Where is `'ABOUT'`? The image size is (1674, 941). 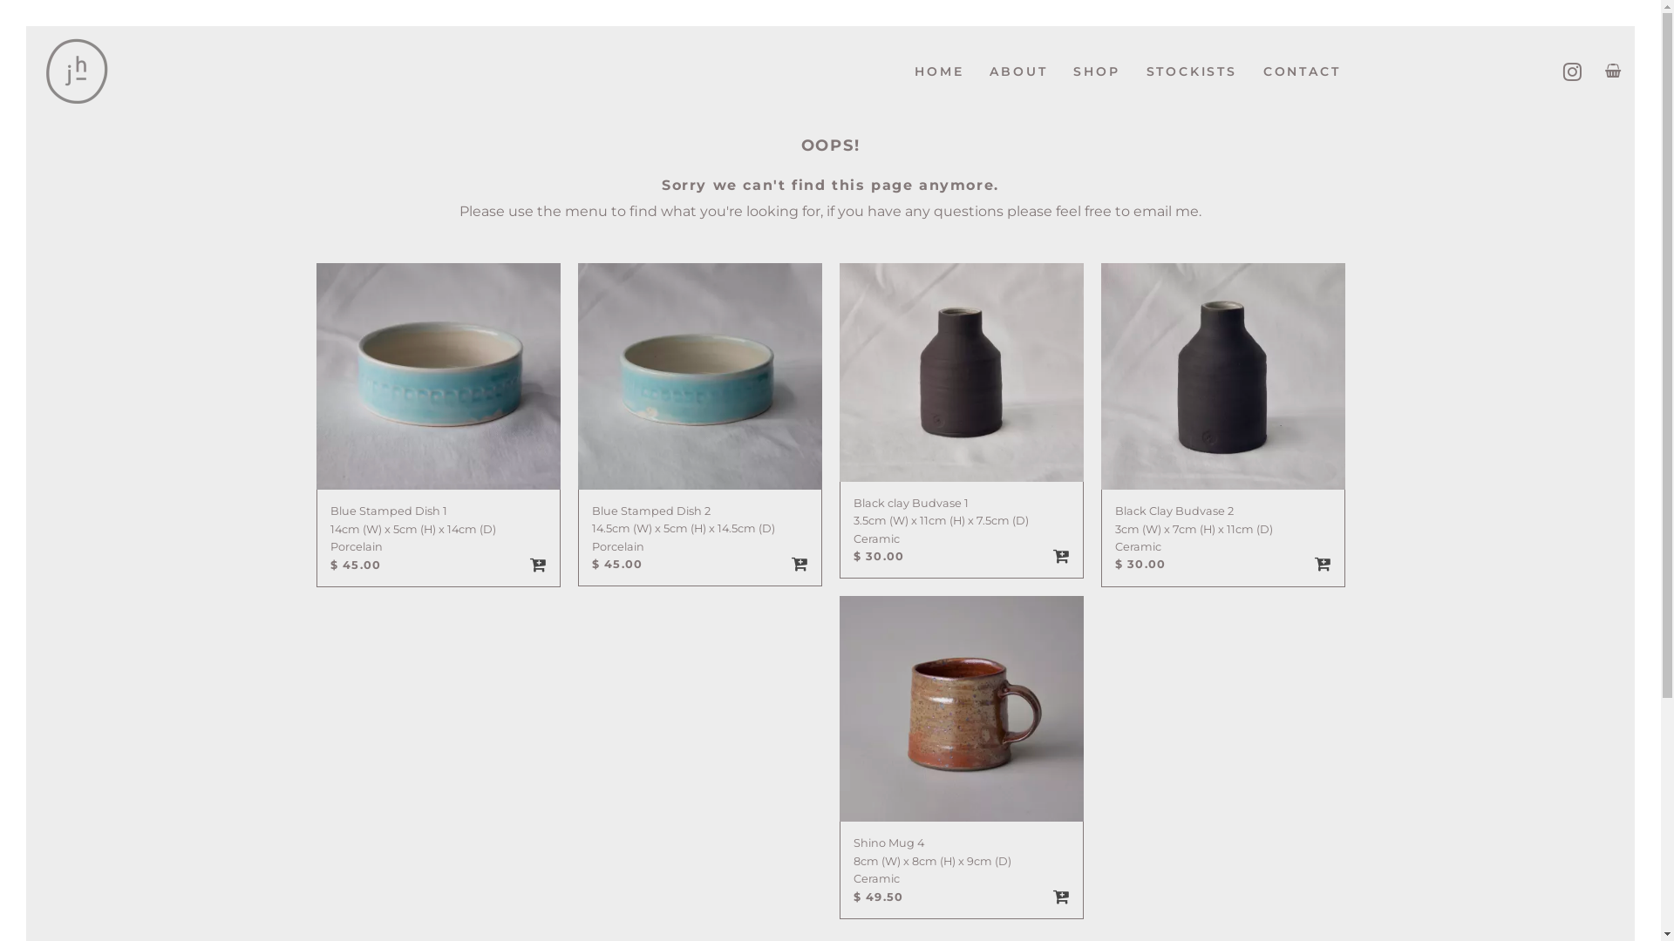 'ABOUT' is located at coordinates (1017, 71).